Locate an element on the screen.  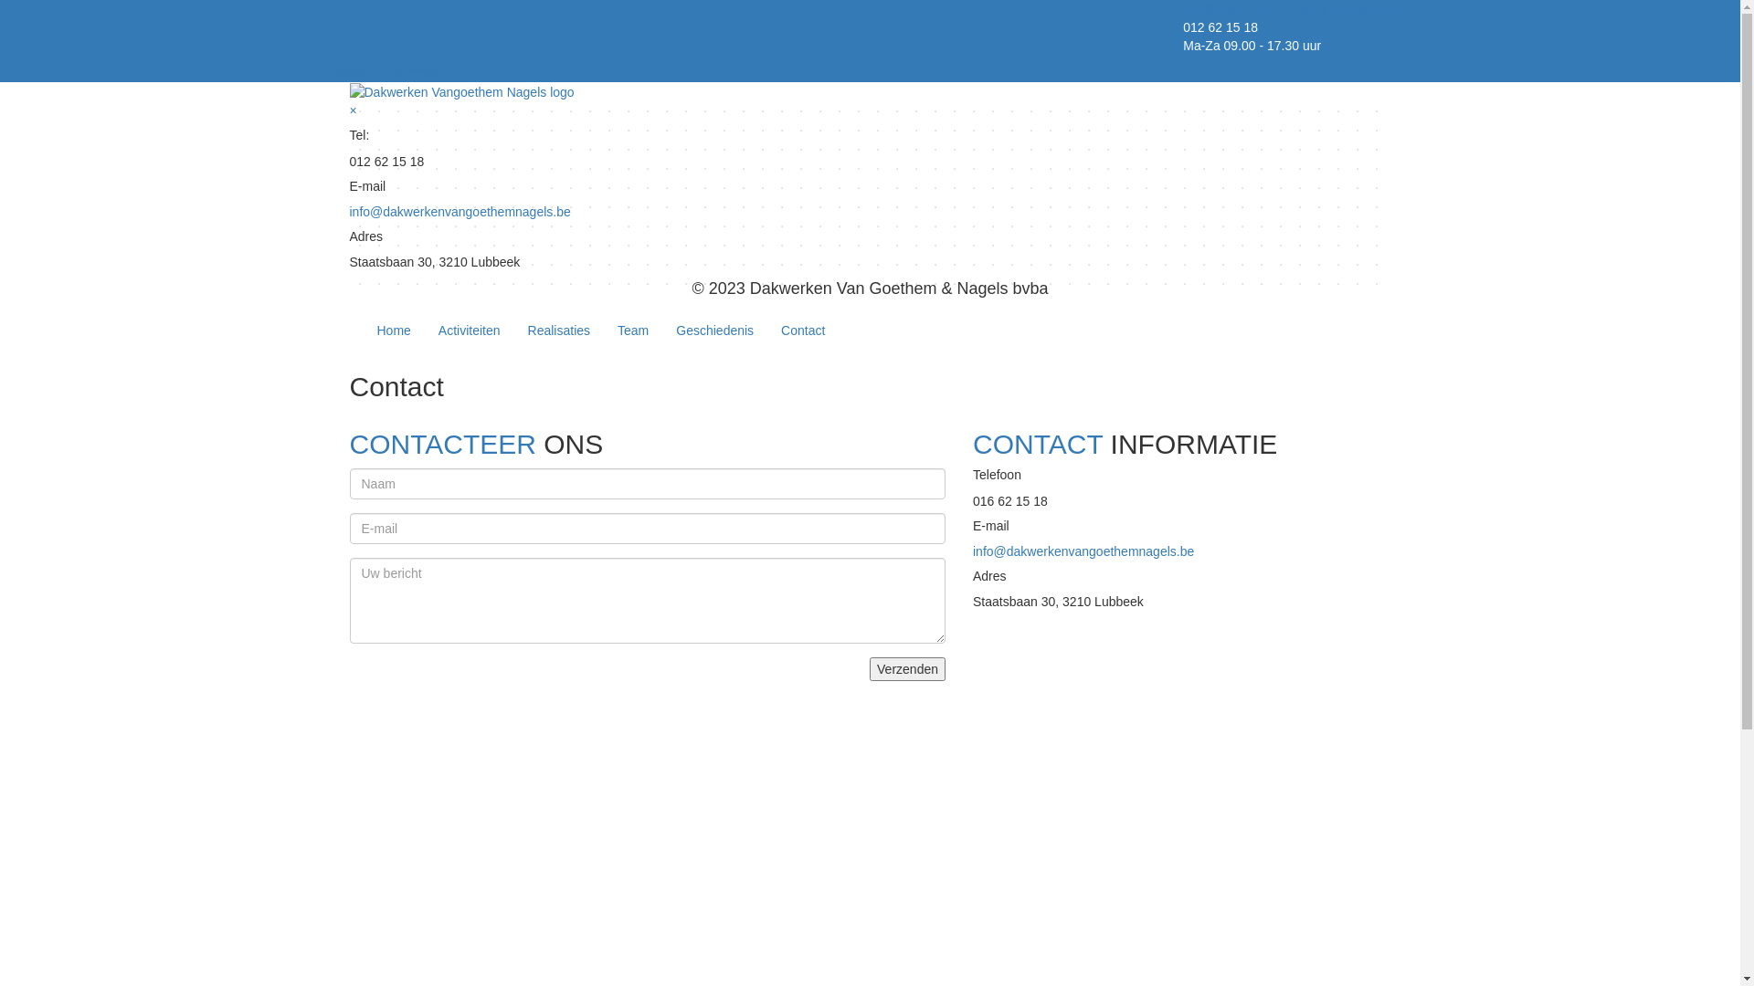
'Contact' is located at coordinates (802, 330).